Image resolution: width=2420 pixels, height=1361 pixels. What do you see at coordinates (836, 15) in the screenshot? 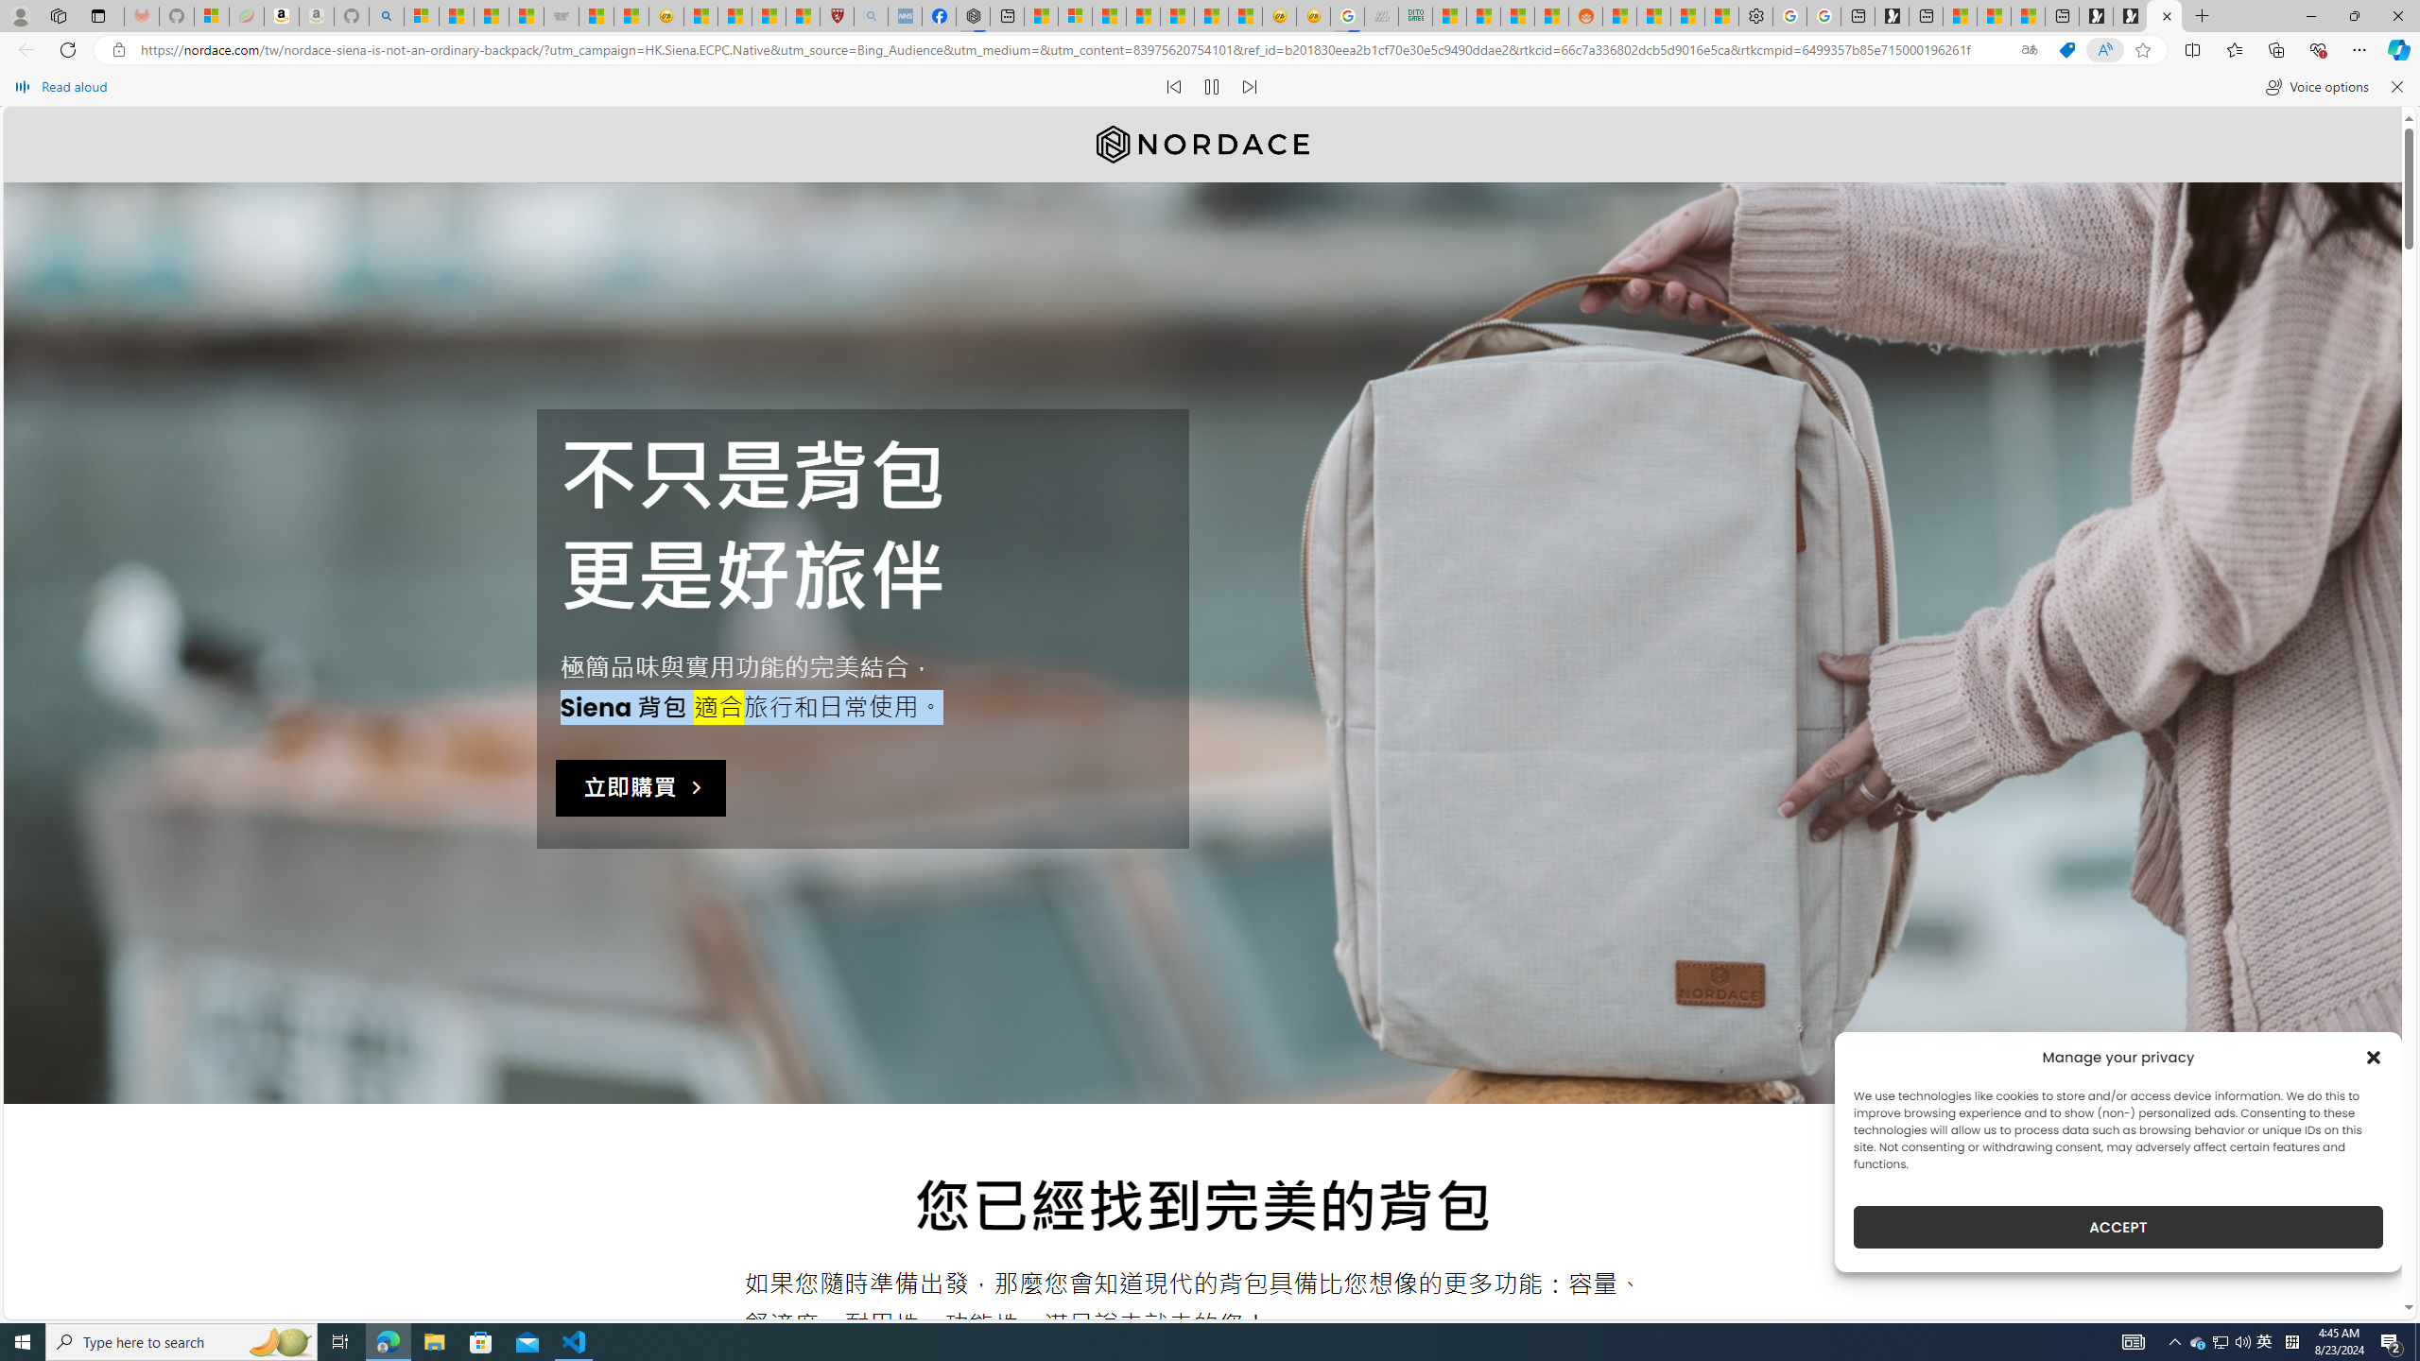
I see `'Robert H. Shmerling, MD - Harvard Health'` at bounding box center [836, 15].